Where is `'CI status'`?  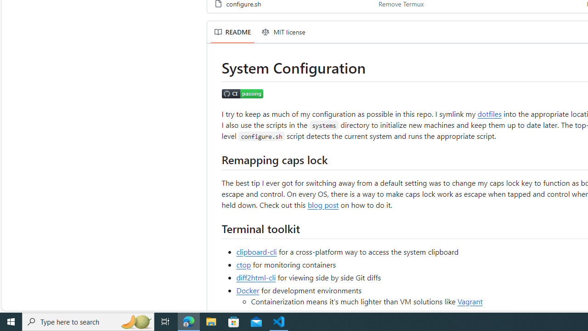 'CI status' is located at coordinates (243, 94).